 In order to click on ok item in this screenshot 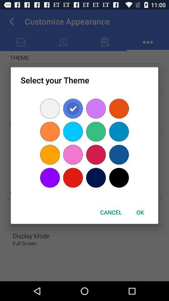, I will do `click(140, 212)`.